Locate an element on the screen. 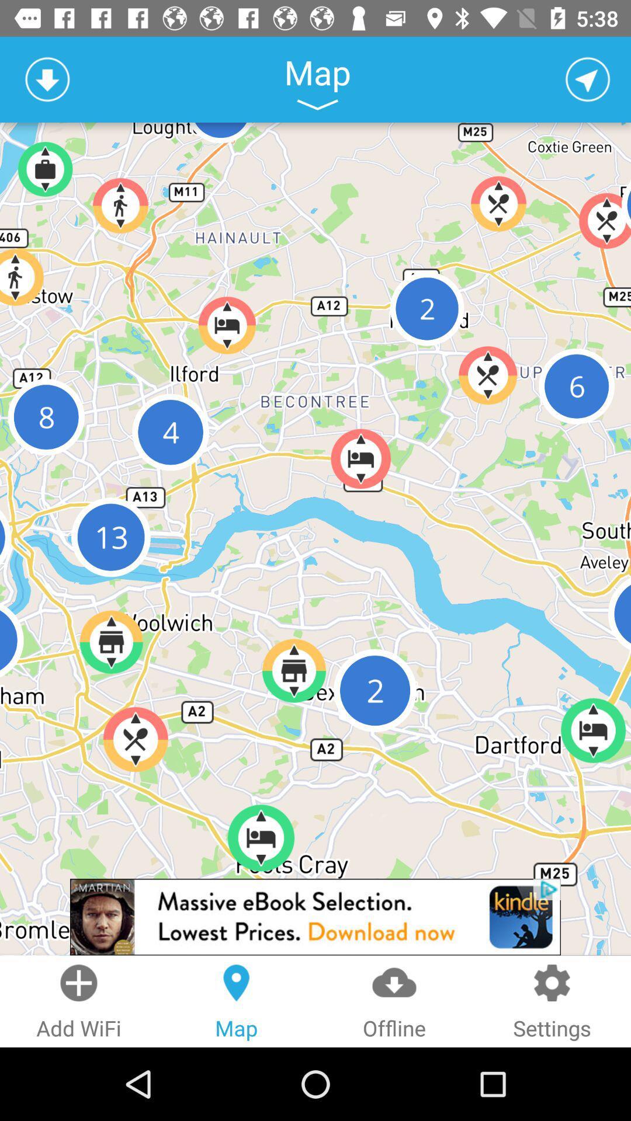 The height and width of the screenshot is (1121, 631). the location is located at coordinates (588, 79).